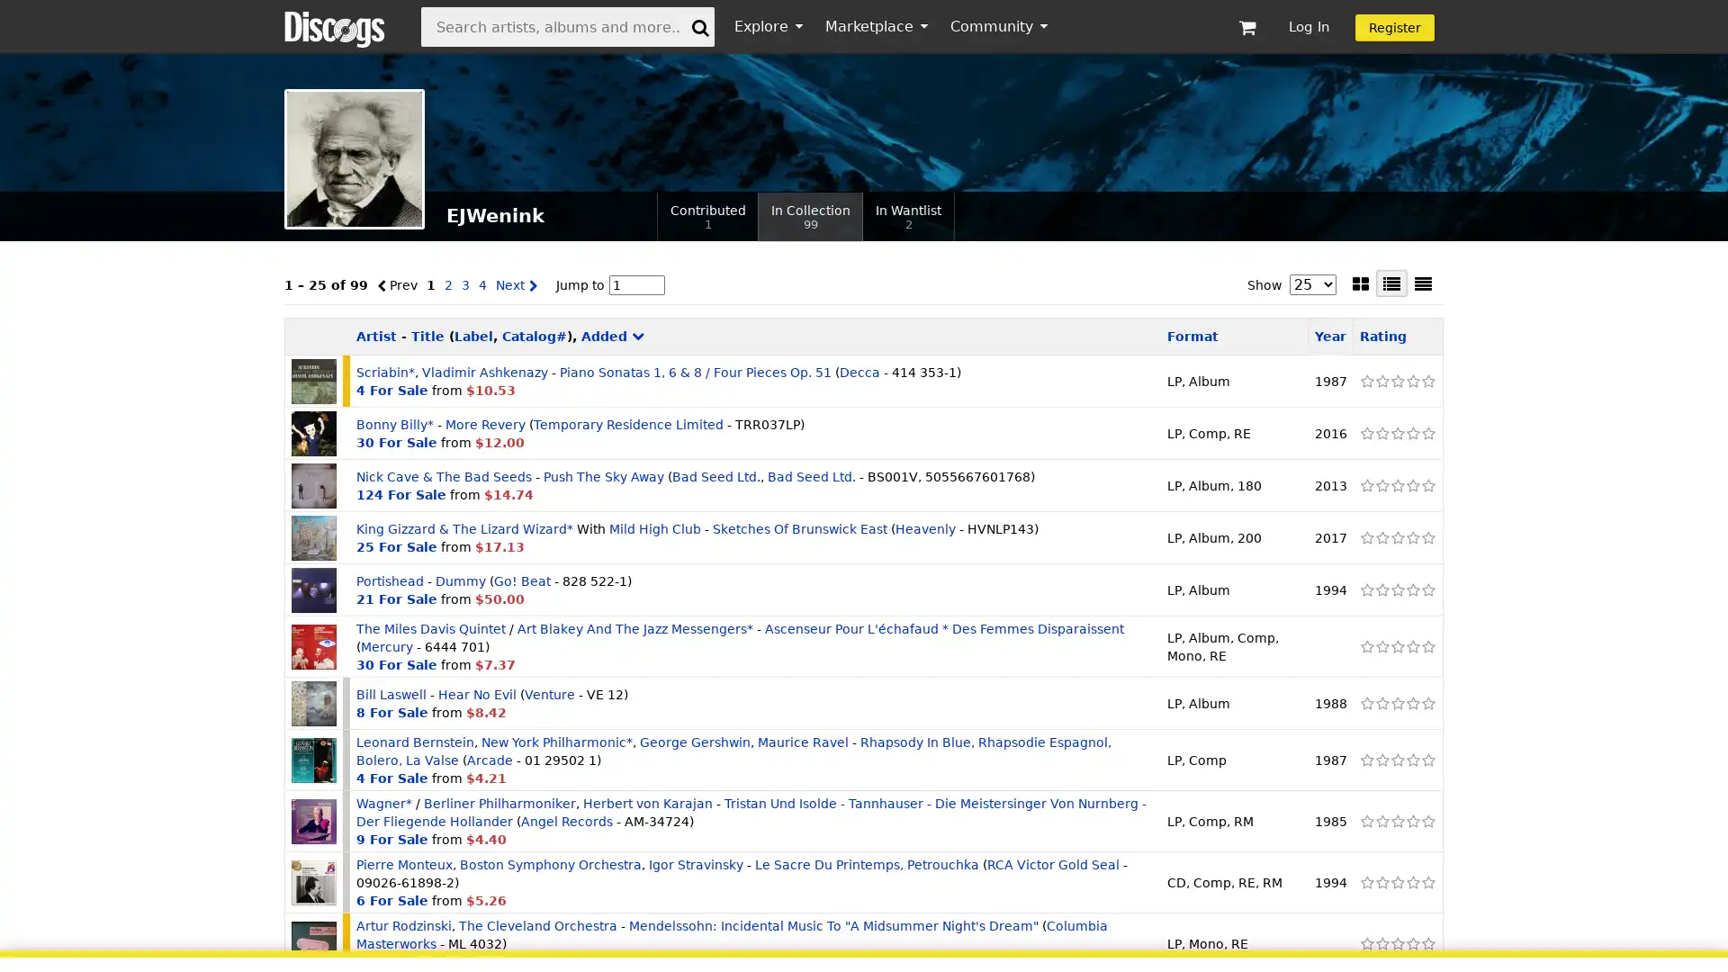 The height and width of the screenshot is (972, 1728). What do you see at coordinates (1426, 943) in the screenshot?
I see `Rate this release 5 stars.` at bounding box center [1426, 943].